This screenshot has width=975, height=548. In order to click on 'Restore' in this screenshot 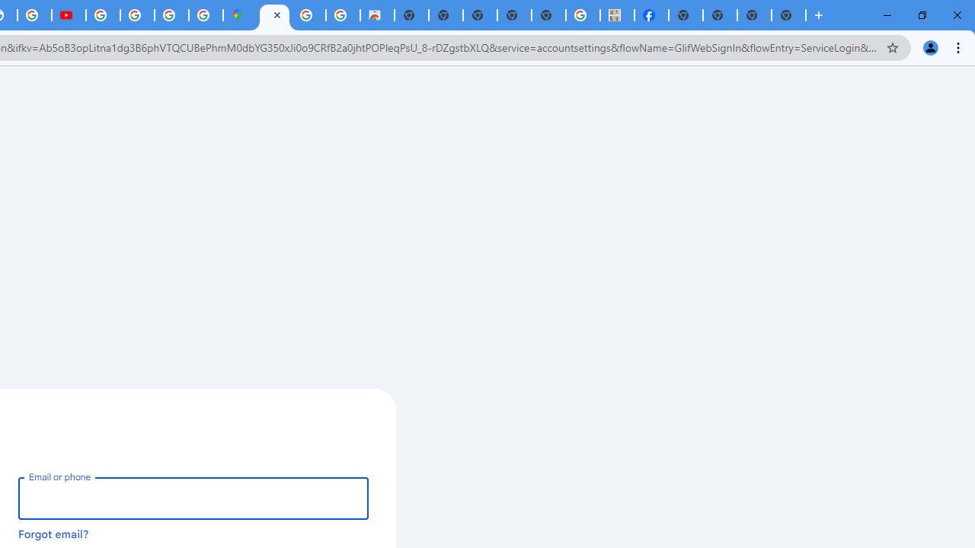, I will do `click(921, 15)`.